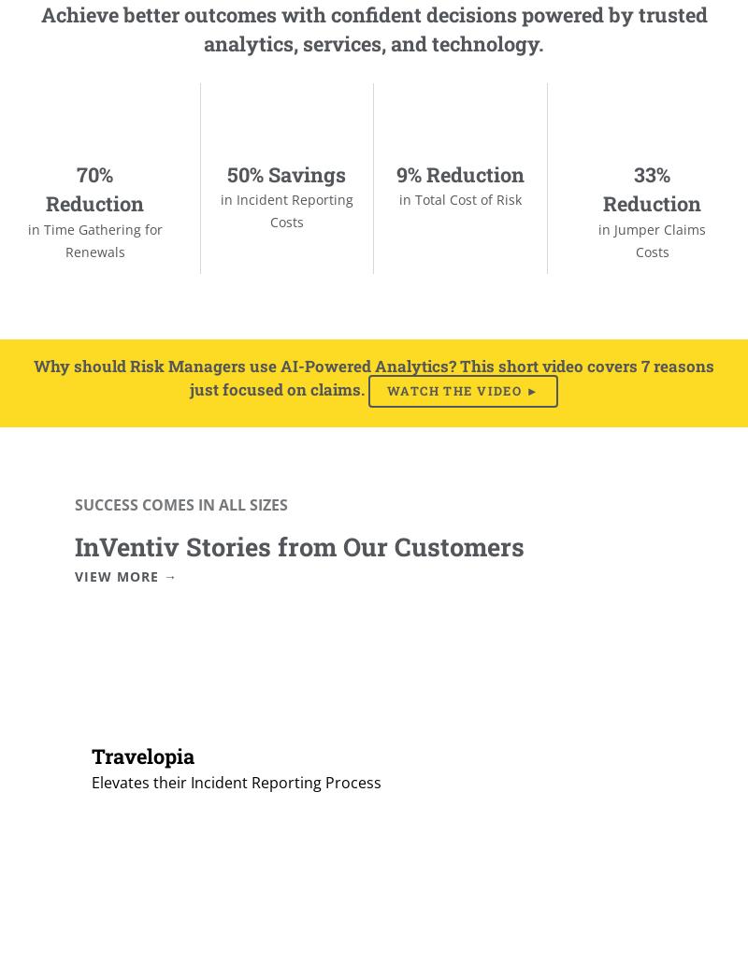 This screenshot has width=748, height=965. Describe the element at coordinates (180, 504) in the screenshot. I see `'SUCCESS COMES IN ALL SIZES'` at that location.